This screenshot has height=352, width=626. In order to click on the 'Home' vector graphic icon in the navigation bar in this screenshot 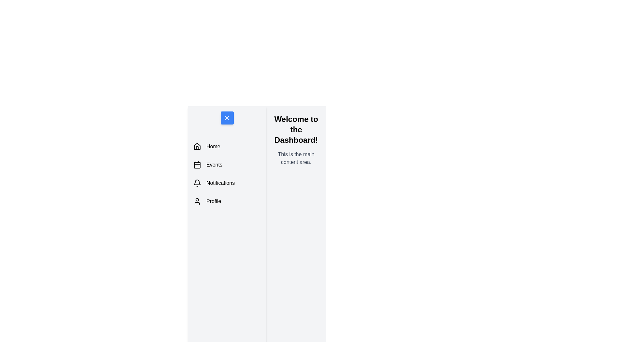, I will do `click(197, 146)`.